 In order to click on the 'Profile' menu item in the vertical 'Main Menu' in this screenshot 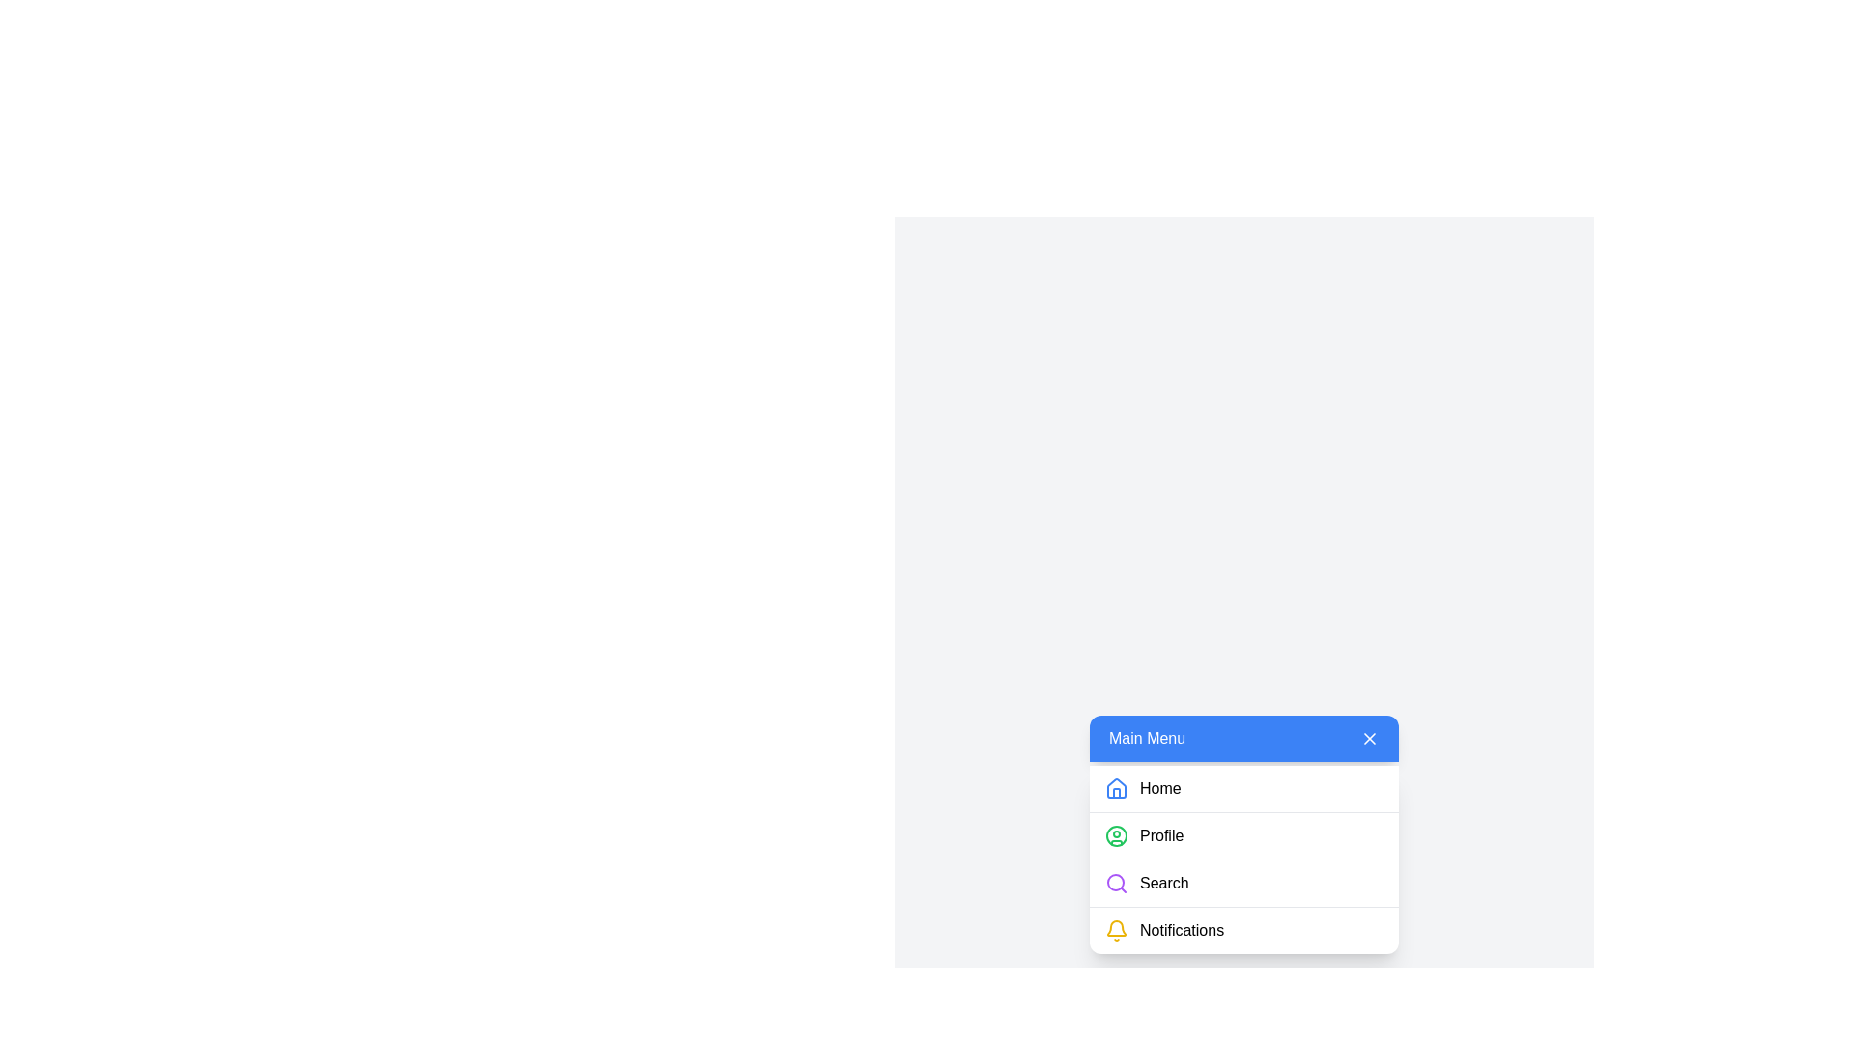, I will do `click(1243, 833)`.